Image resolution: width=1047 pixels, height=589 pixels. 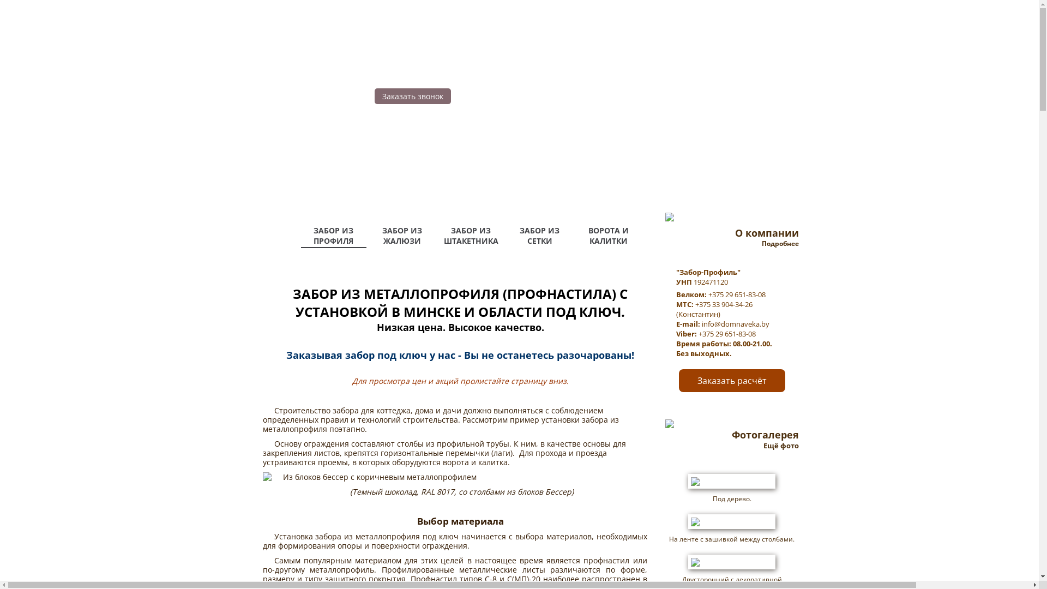 I want to click on 'info@domnaveka.by', so click(x=735, y=323).